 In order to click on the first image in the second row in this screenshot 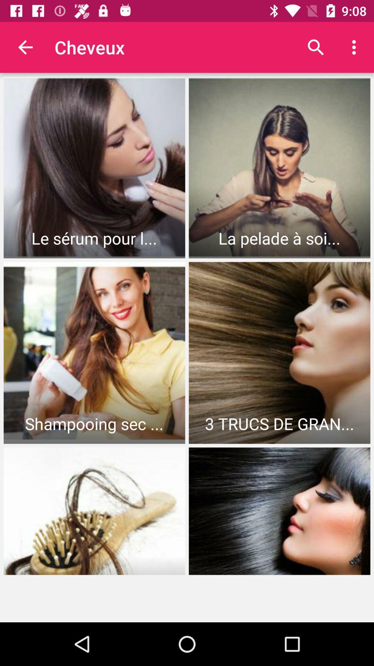, I will do `click(95, 353)`.